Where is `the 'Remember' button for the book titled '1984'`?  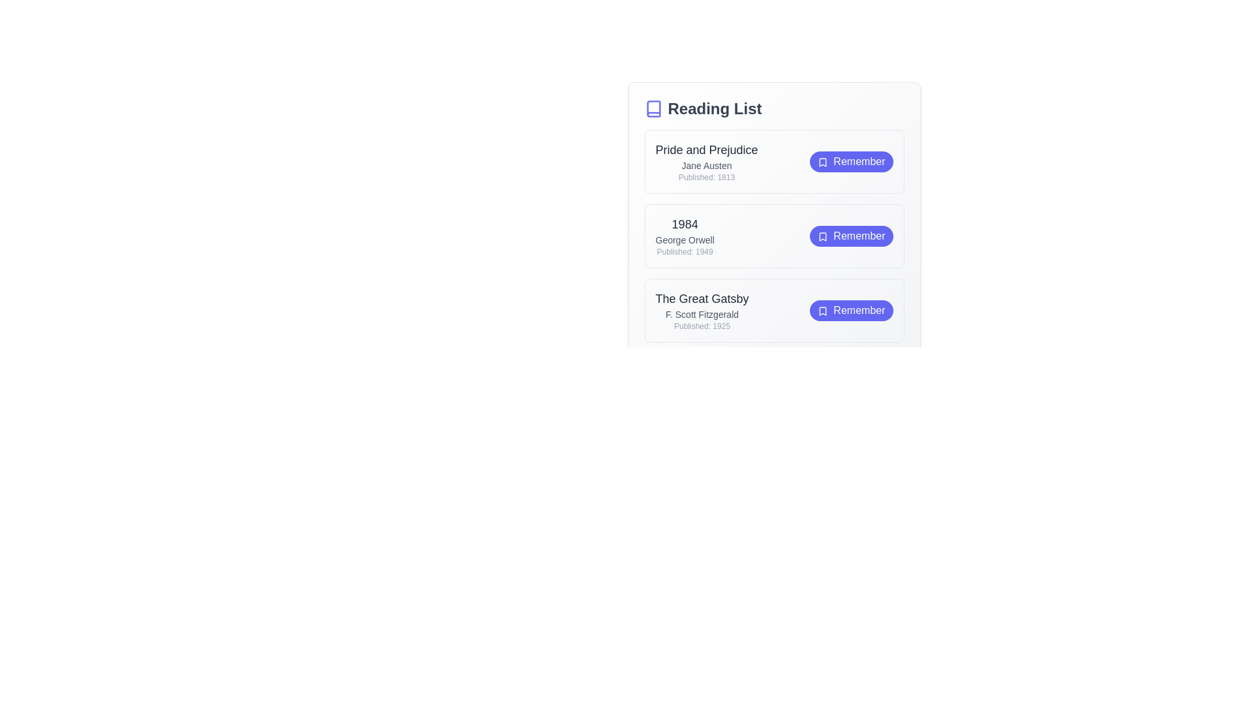
the 'Remember' button for the book titled '1984' is located at coordinates (851, 236).